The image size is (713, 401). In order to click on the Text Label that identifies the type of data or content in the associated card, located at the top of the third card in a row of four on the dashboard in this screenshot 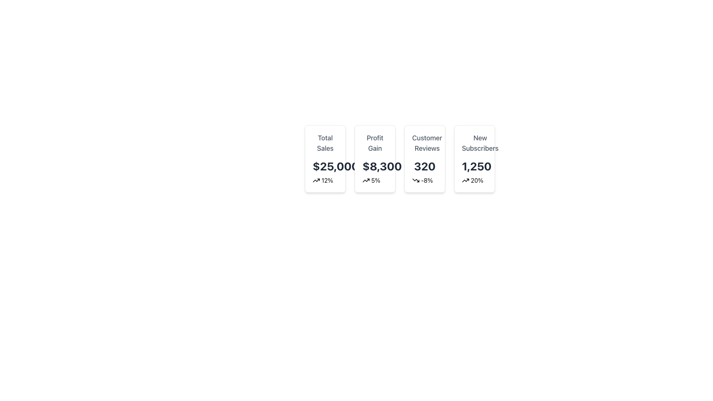, I will do `click(424, 143)`.